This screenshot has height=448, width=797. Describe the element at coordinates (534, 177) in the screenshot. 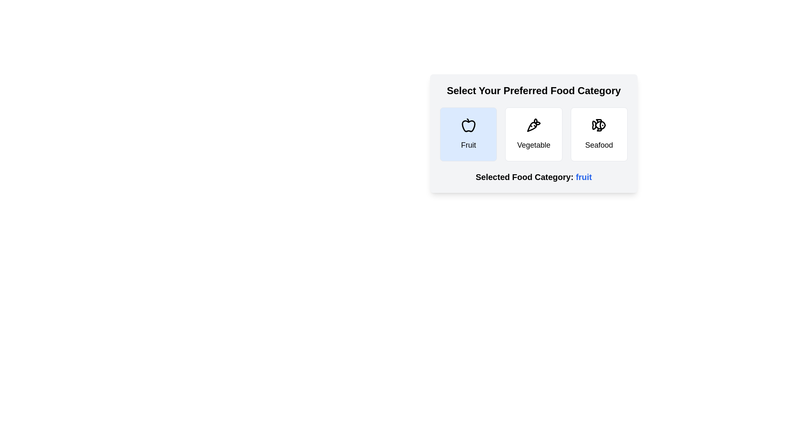

I see `the blue-highlighted text that displays the currently selected food category at the bottom of the white card component` at that location.